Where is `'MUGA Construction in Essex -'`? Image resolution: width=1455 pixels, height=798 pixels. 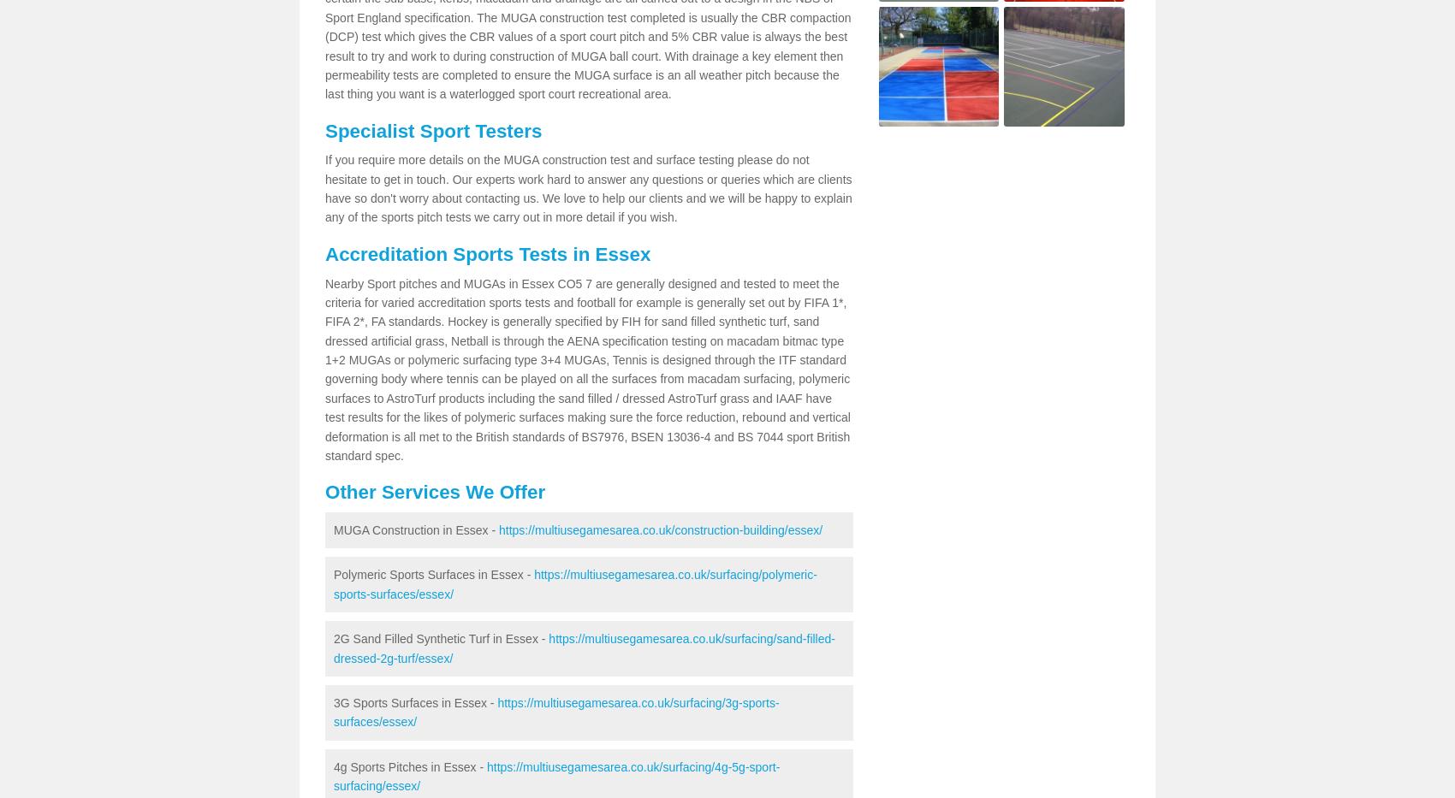 'MUGA Construction in Essex -' is located at coordinates (416, 529).